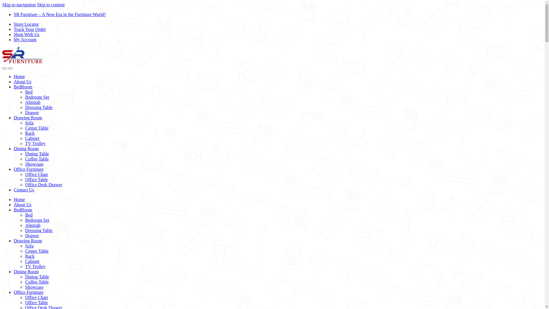 The width and height of the screenshot is (549, 309). What do you see at coordinates (26, 34) in the screenshot?
I see `'Shop With Us'` at bounding box center [26, 34].